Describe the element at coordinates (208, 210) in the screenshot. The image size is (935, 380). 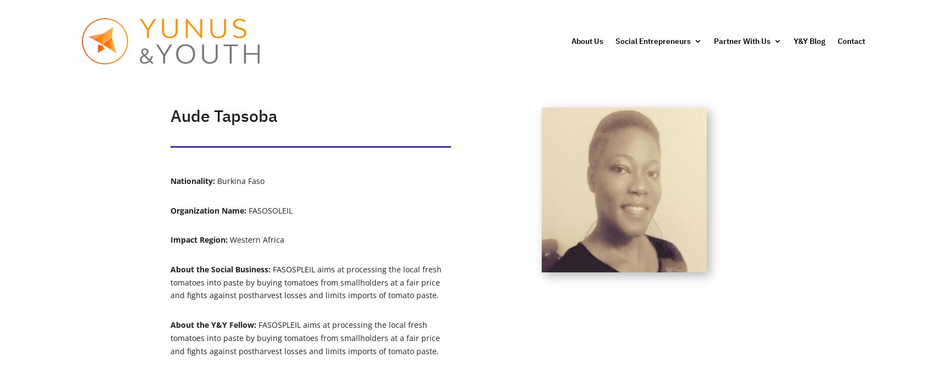
I see `'Organization Name:'` at that location.